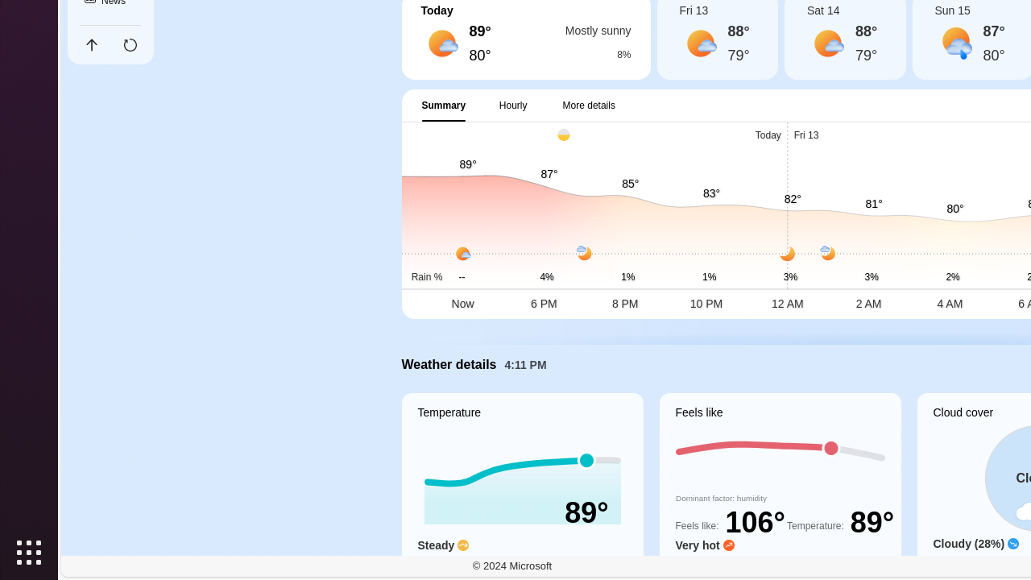  Describe the element at coordinates (90, 44) in the screenshot. I see `'Back to top'` at that location.